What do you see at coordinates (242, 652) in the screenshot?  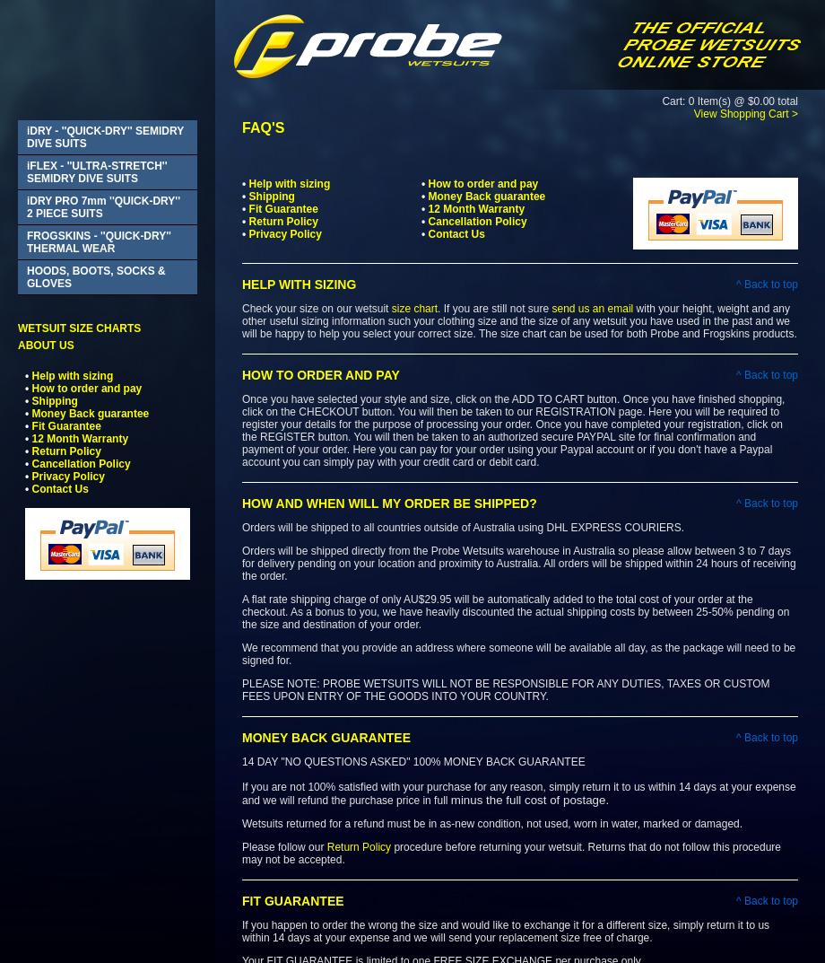 I see `'We recommend that you provide an address where someone will be available all day, as the package will need to be signed for.'` at bounding box center [242, 652].